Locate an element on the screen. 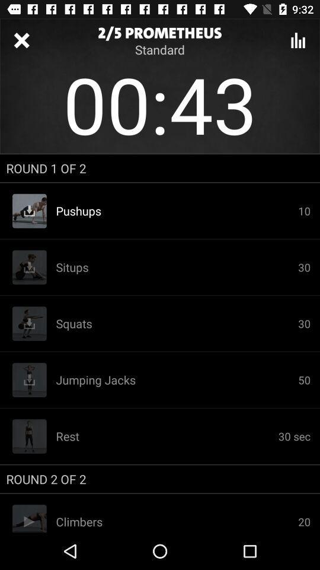  menu is located at coordinates (297, 40).